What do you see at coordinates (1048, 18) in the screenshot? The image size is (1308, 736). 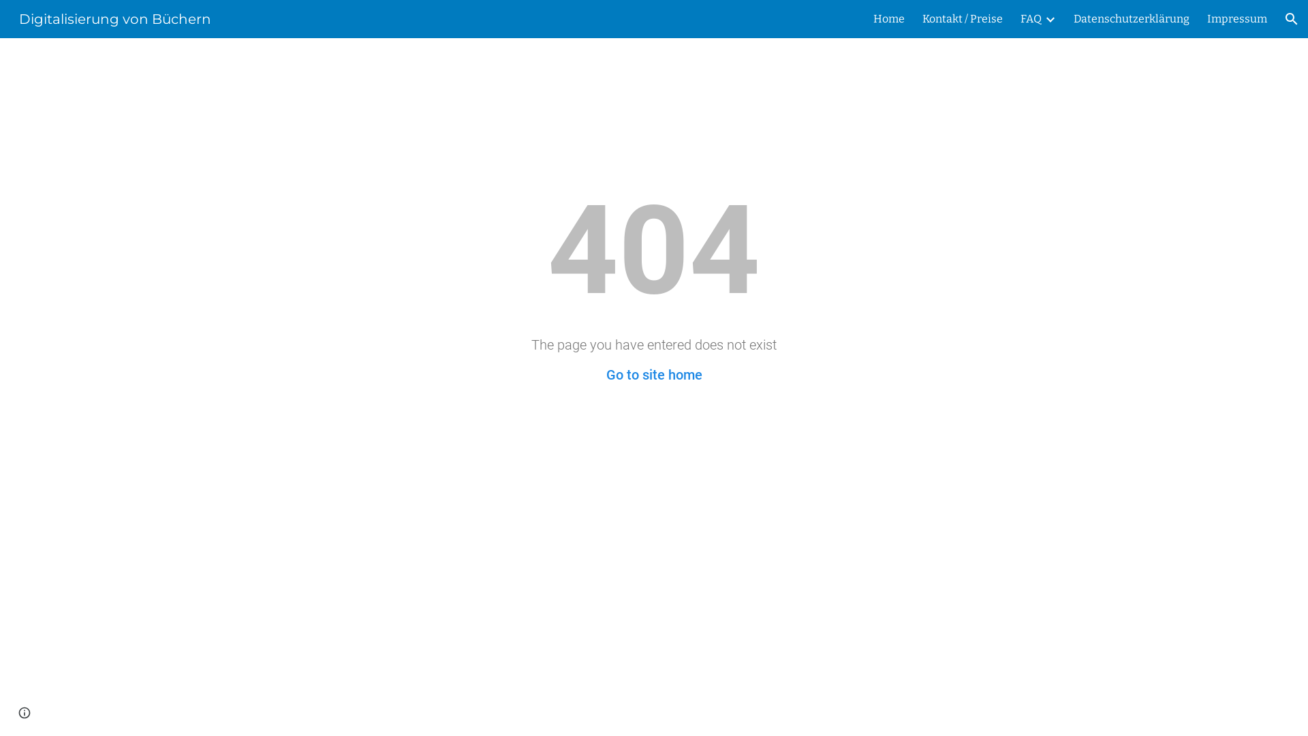 I see `'Expand/Collapse'` at bounding box center [1048, 18].